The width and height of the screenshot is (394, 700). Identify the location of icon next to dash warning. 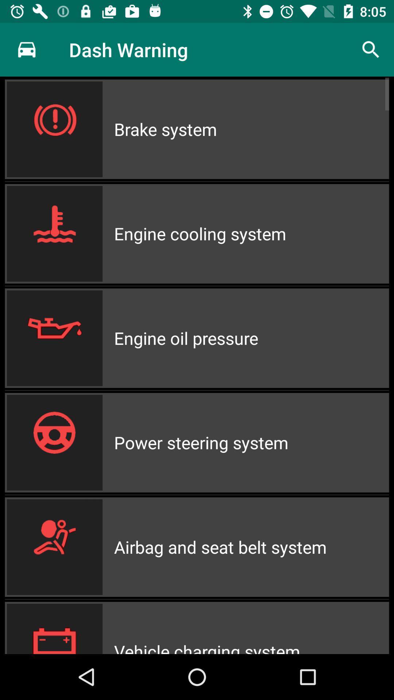
(26, 49).